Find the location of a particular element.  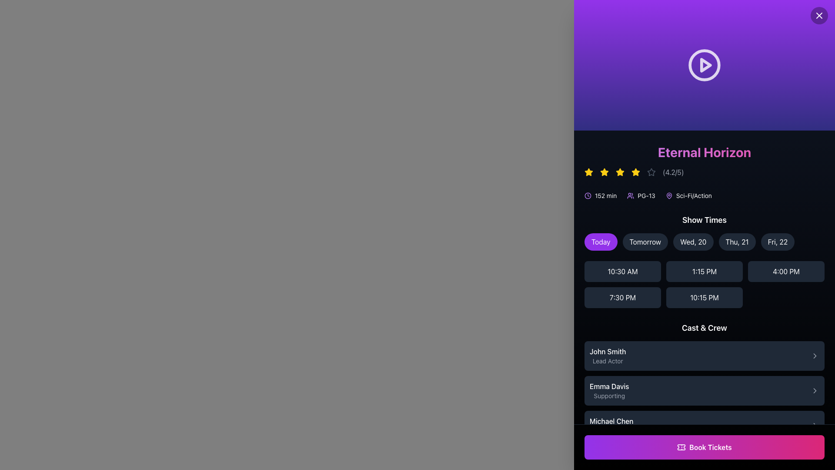

the icon of the third Text Label with Icon that displays the genre of the movie, located to the right of the 'PG-13' label and below the 'Eternal Horizon' title is located at coordinates (688, 196).